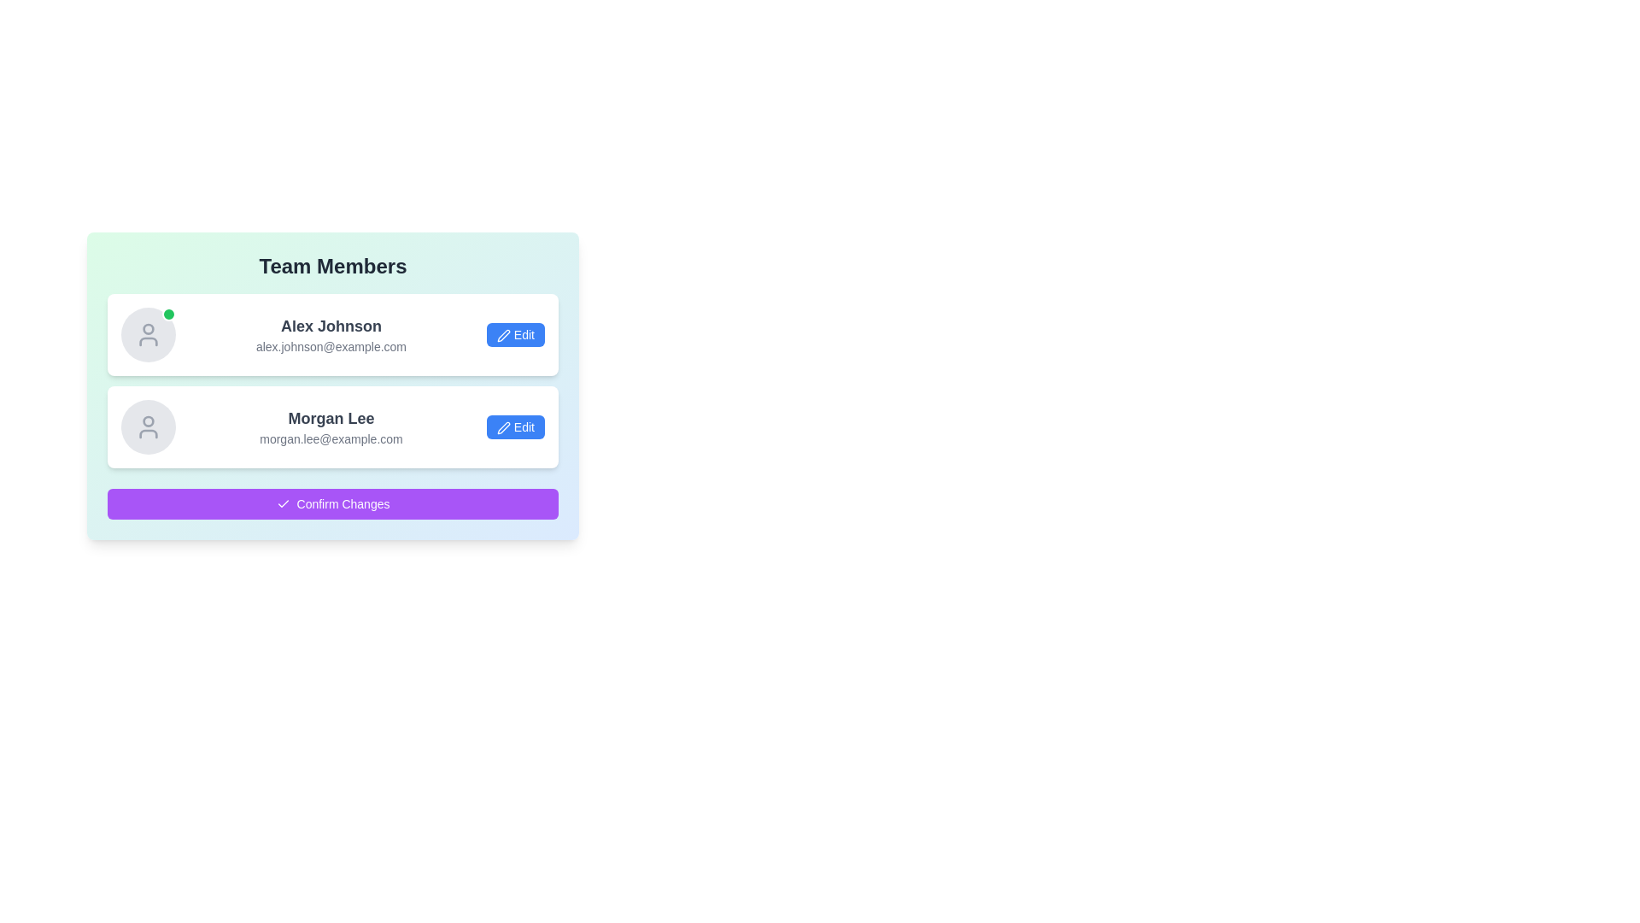  What do you see at coordinates (503, 336) in the screenshot?
I see `the edit button represented by the pen icon in the 'Team Members' section, which is adjacent to the text 'Edit'` at bounding box center [503, 336].